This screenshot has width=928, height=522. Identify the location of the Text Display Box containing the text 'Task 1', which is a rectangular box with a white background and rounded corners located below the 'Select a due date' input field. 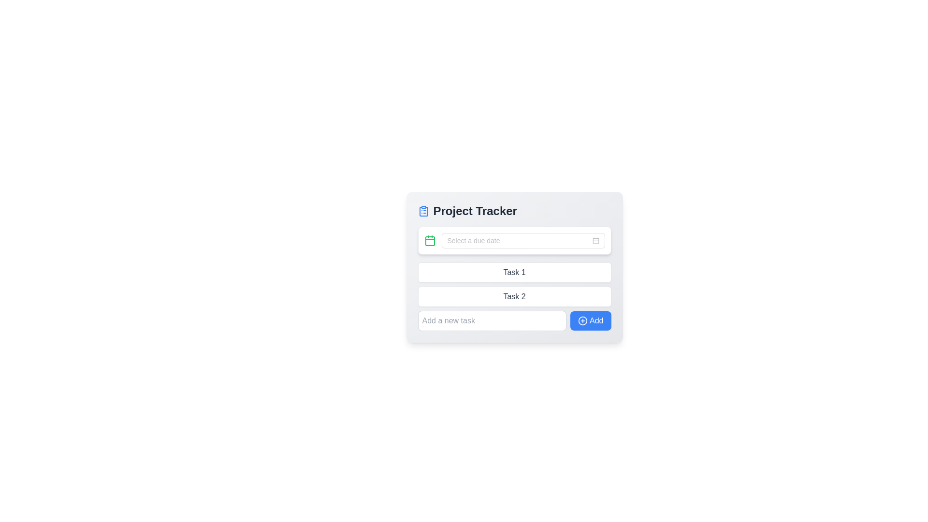
(514, 267).